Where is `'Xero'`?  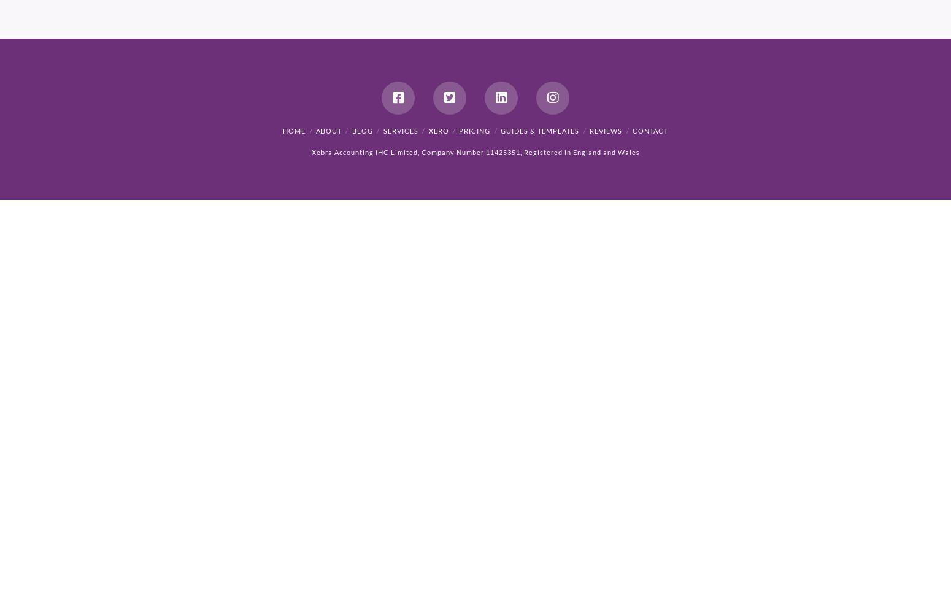
'Xero' is located at coordinates (438, 130).